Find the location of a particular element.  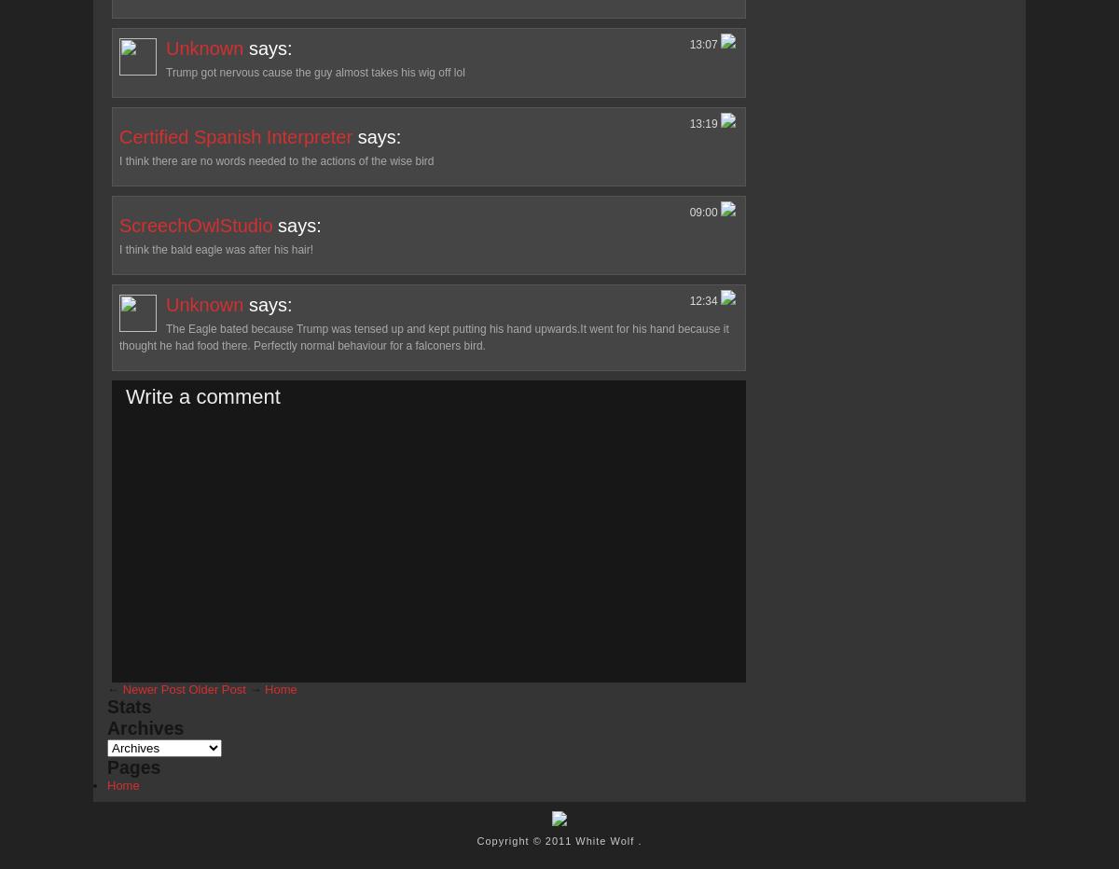

'Write a comment' is located at coordinates (201, 395).